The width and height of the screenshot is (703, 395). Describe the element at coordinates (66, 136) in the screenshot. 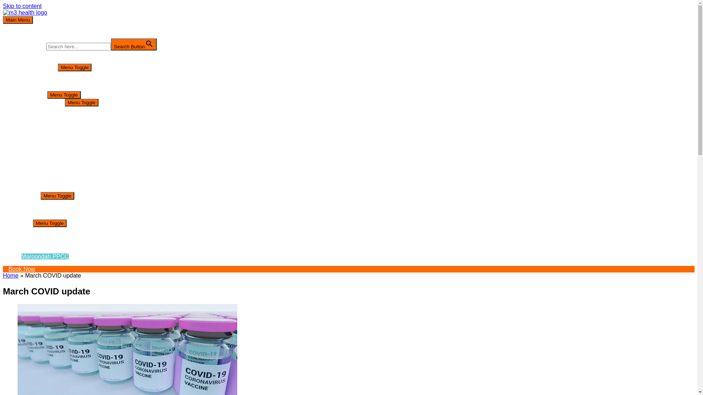

I see `'GP Care Plans'` at that location.